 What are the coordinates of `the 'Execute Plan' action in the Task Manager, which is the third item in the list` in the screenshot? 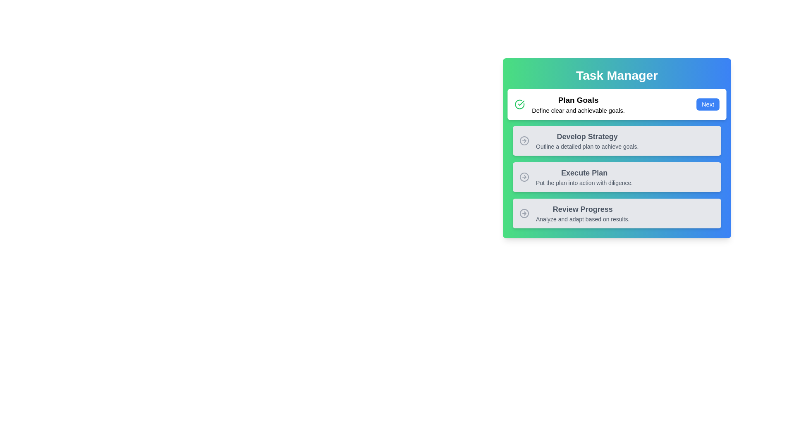 It's located at (617, 176).